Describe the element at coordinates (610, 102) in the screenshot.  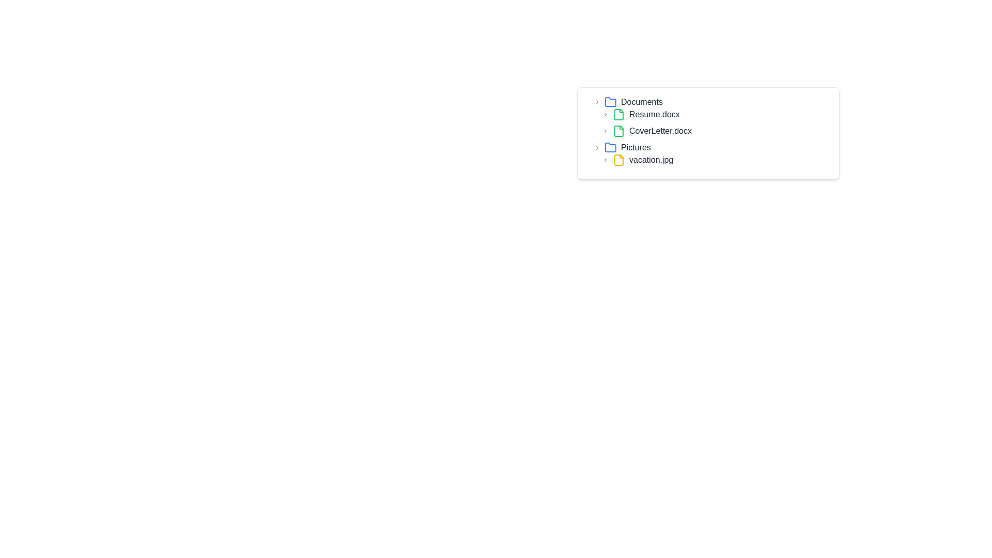
I see `the blue folder icon located in the file list interface` at that location.